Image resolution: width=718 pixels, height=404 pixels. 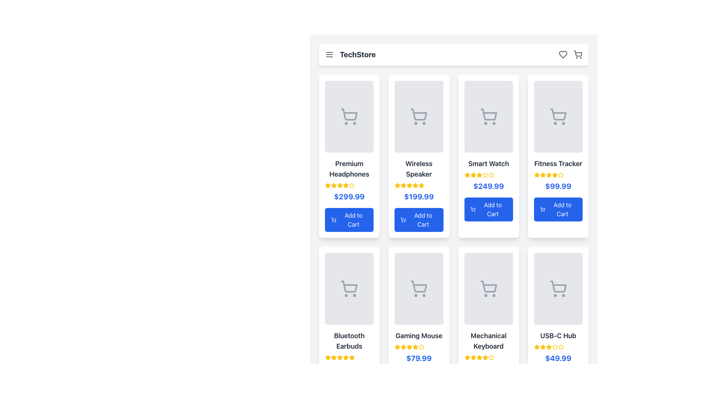 I want to click on the third star icon representing the third rating level for the Bluetooth Earbuds product in the product grid, so click(x=339, y=357).